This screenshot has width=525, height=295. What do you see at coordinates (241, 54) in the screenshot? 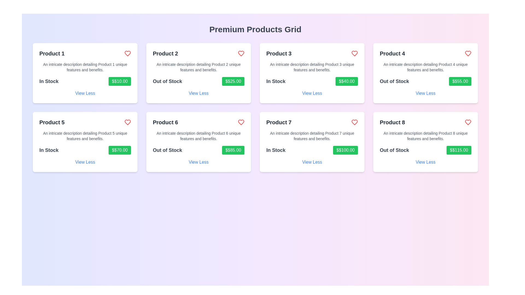
I see `the favorite or like icon located in the top-right corner of the card for 'Product 2'` at bounding box center [241, 54].